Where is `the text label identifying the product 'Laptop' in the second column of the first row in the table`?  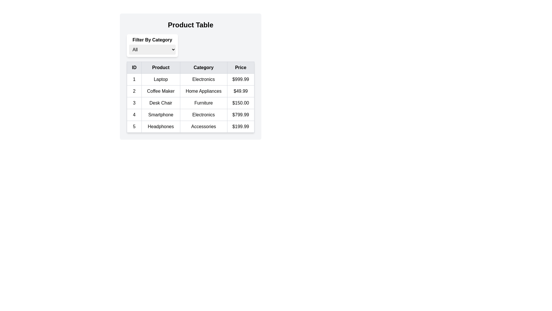 the text label identifying the product 'Laptop' in the second column of the first row in the table is located at coordinates (161, 79).